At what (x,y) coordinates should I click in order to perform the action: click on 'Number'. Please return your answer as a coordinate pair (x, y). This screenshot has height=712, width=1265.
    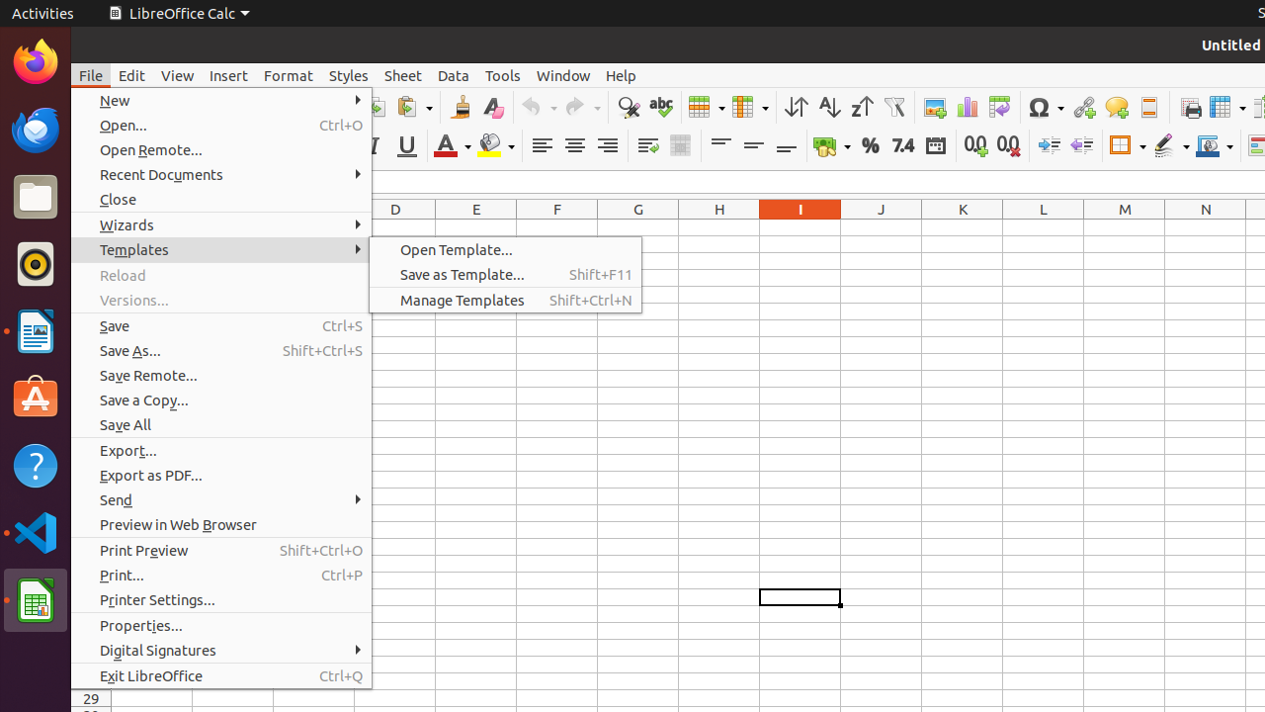
    Looking at the image, I should click on (901, 144).